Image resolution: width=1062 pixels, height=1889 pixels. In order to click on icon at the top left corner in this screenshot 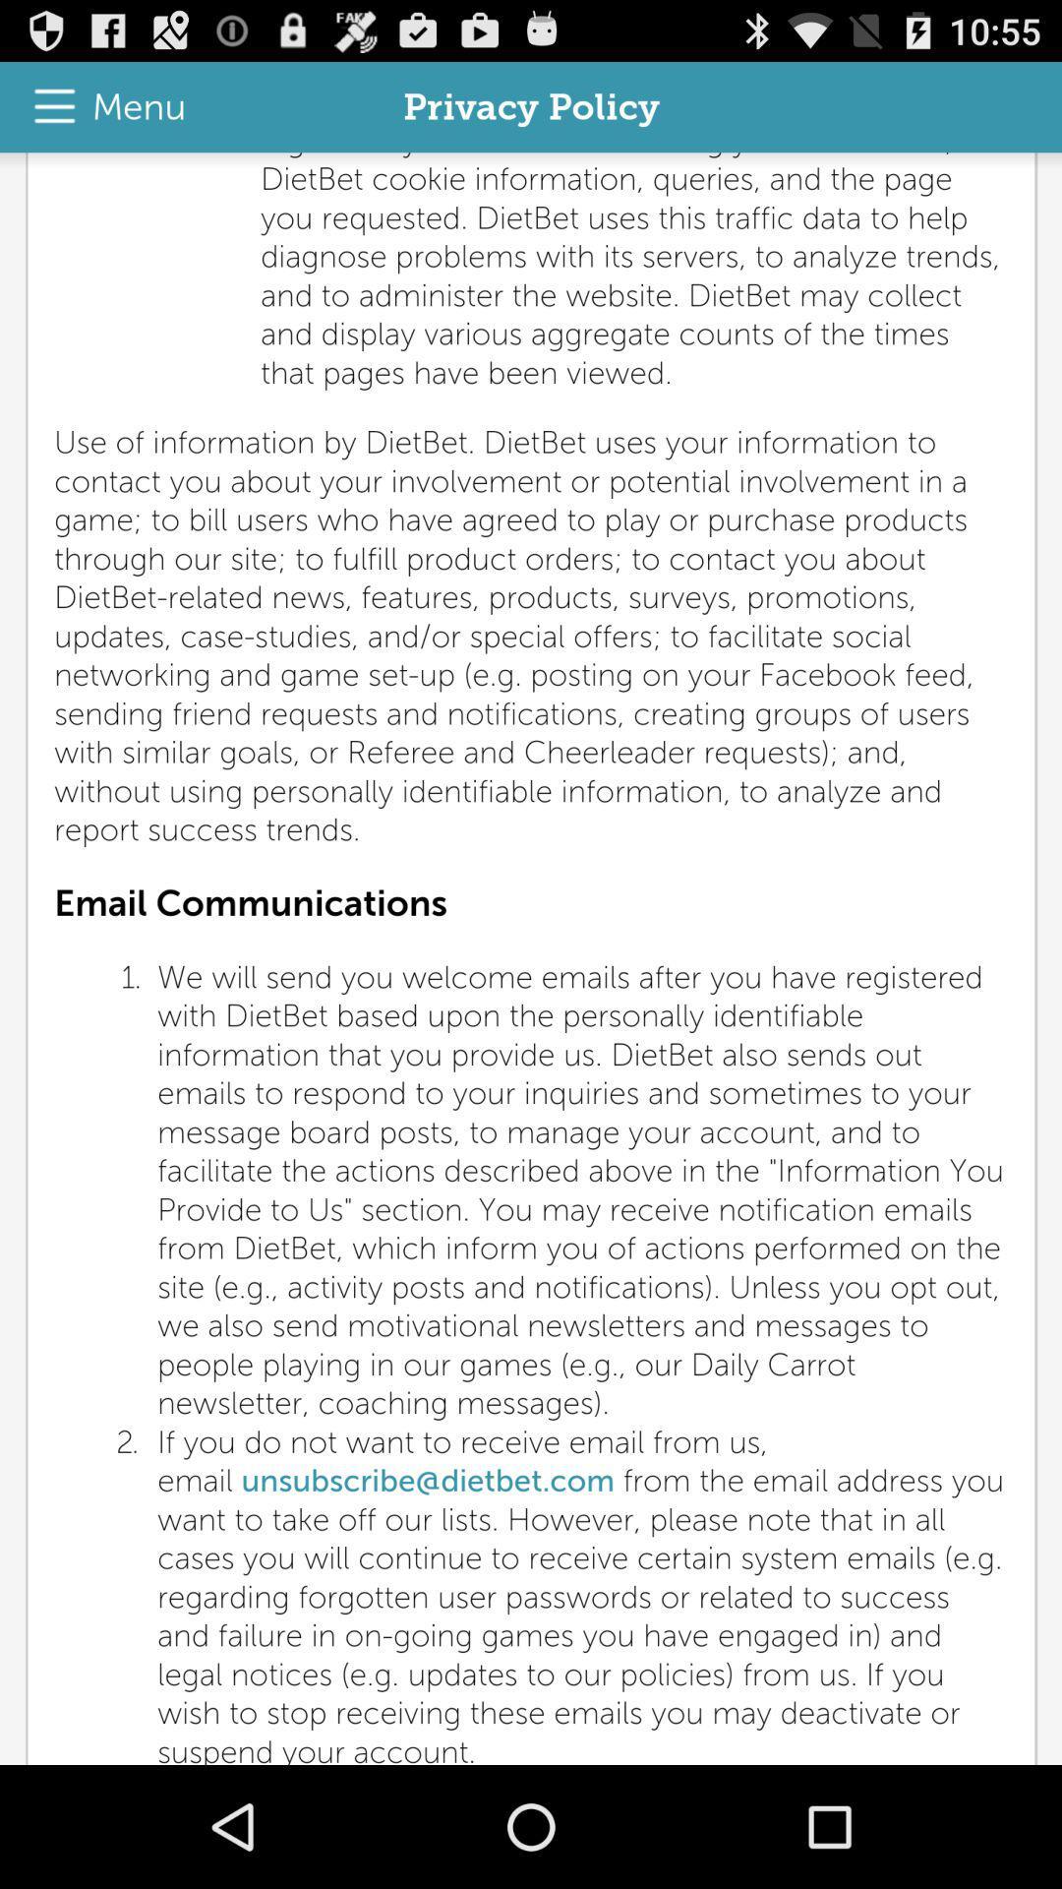, I will do `click(99, 106)`.